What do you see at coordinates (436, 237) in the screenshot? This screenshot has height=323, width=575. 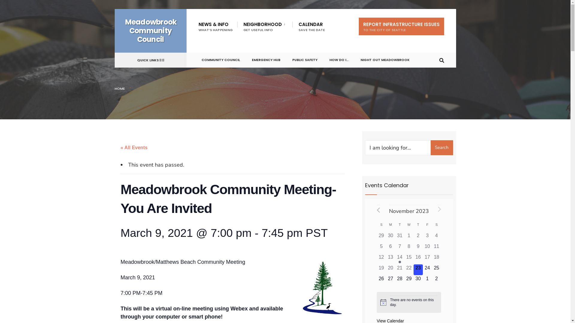 I see `'0 events,` at bounding box center [436, 237].